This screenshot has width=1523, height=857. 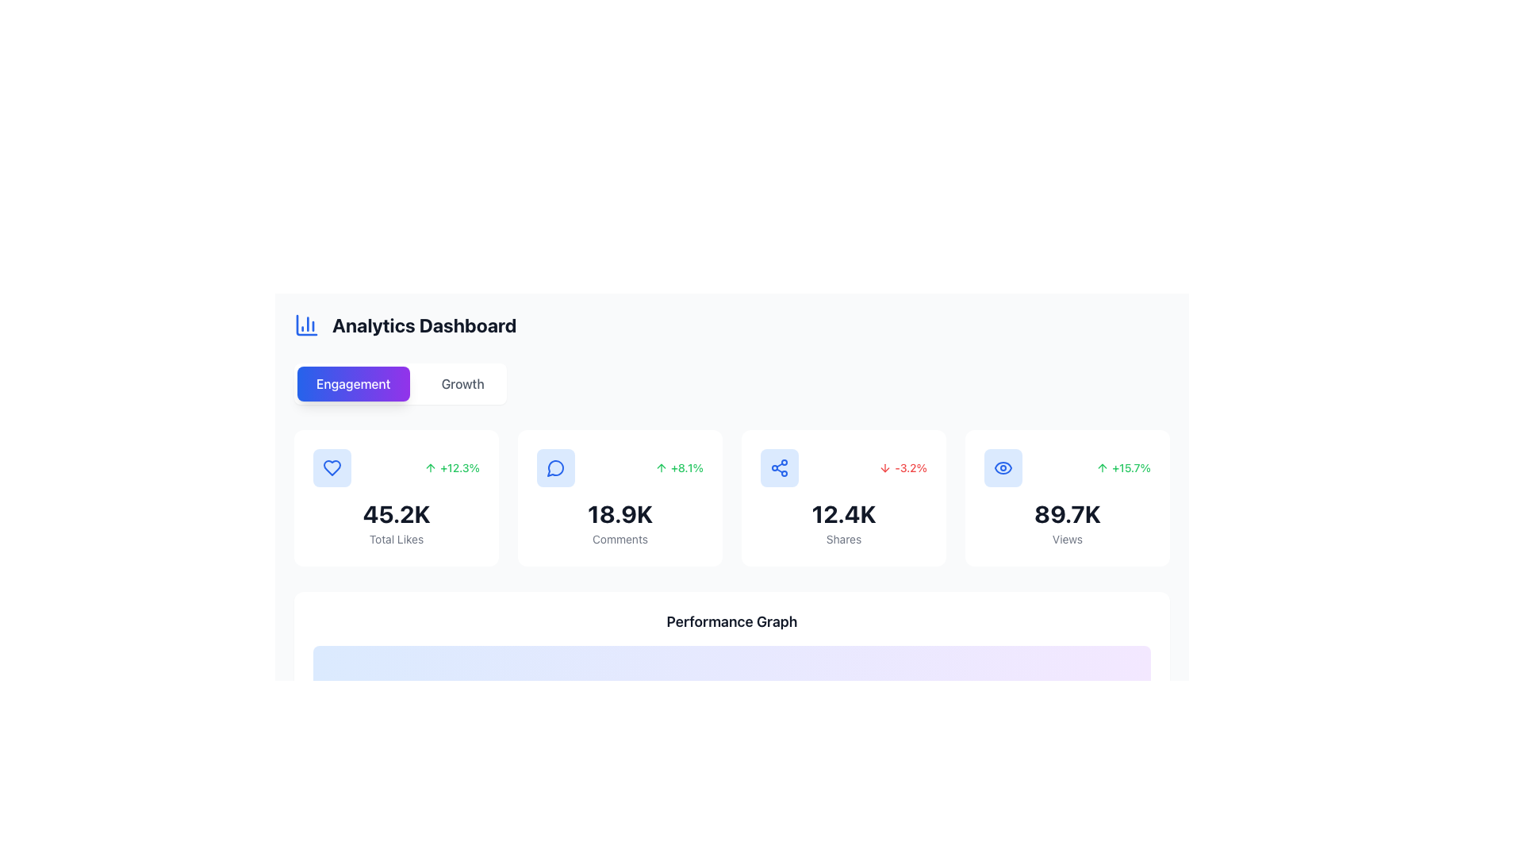 I want to click on the upward-pointing arrow icon located to the left of the green text '+8.1%' in the 'Comments' section of the dashboard, so click(x=661, y=467).